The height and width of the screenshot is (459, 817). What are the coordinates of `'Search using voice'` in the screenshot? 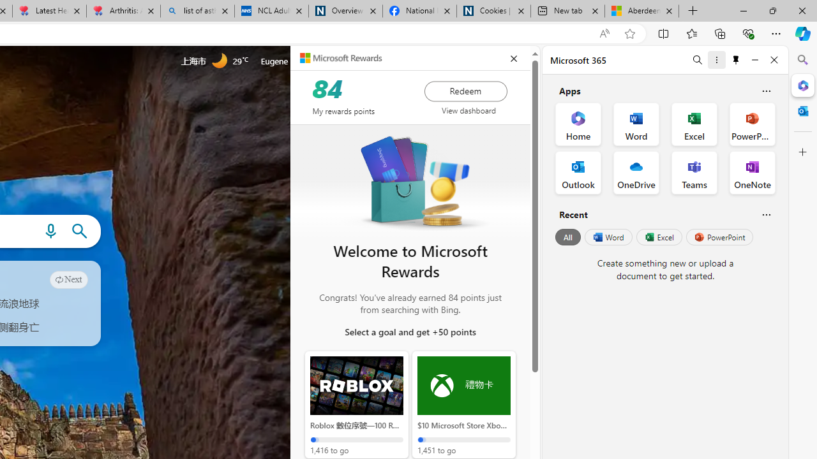 It's located at (50, 231).